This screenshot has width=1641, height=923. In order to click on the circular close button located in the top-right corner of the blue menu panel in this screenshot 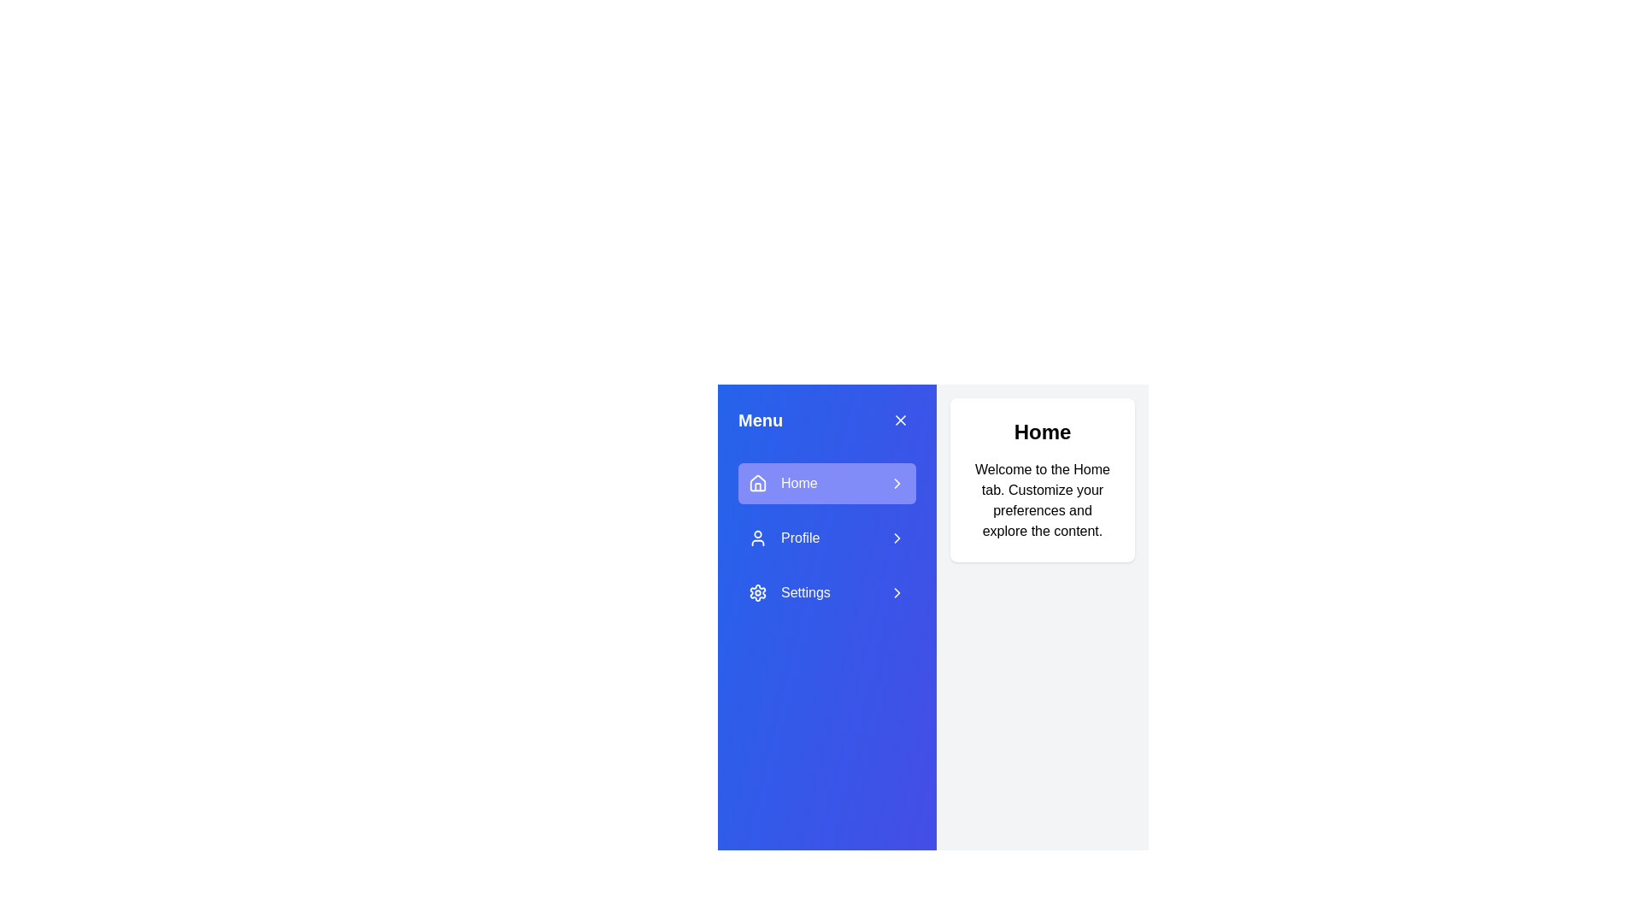, I will do `click(900, 420)`.